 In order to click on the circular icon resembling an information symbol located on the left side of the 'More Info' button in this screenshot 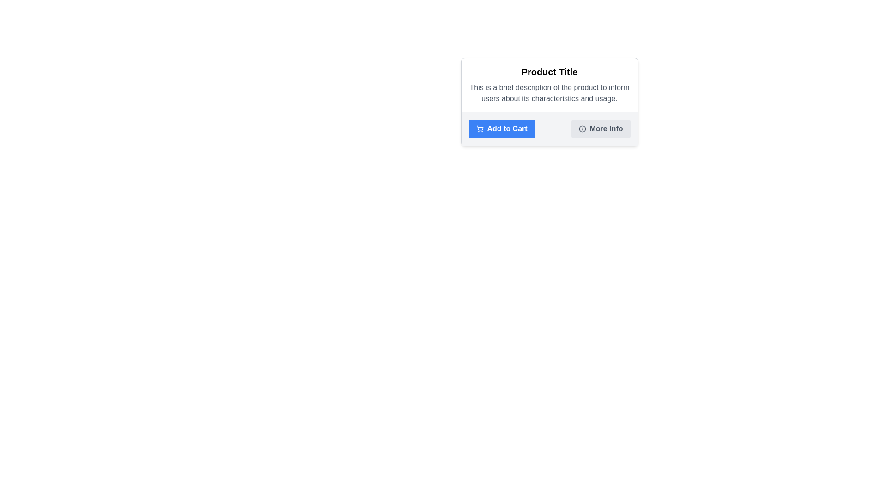, I will do `click(582, 128)`.